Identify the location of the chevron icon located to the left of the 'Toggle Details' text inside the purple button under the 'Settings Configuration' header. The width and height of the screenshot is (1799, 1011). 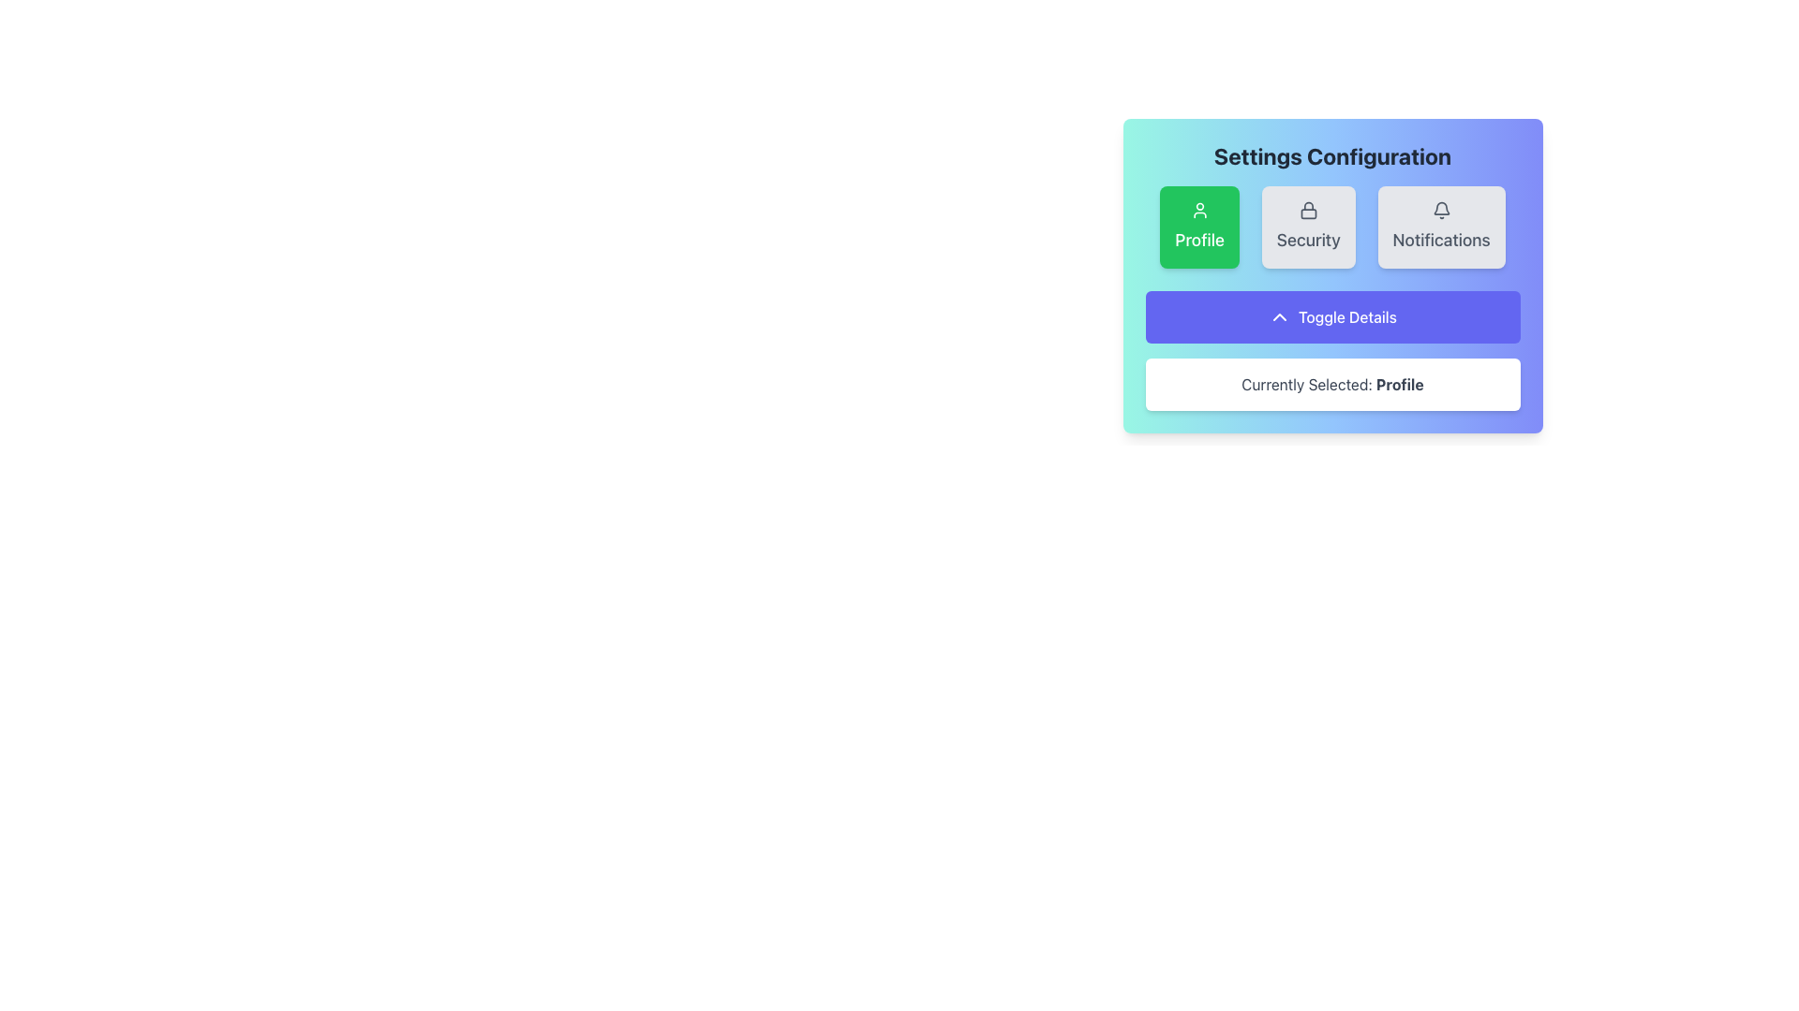
(1279, 316).